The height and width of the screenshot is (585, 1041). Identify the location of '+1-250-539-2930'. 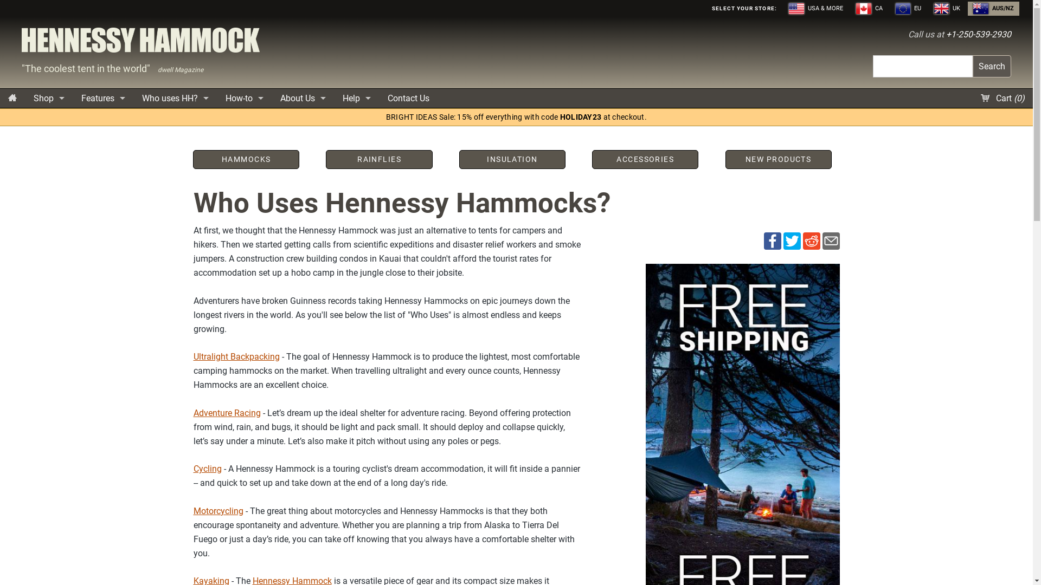
(946, 34).